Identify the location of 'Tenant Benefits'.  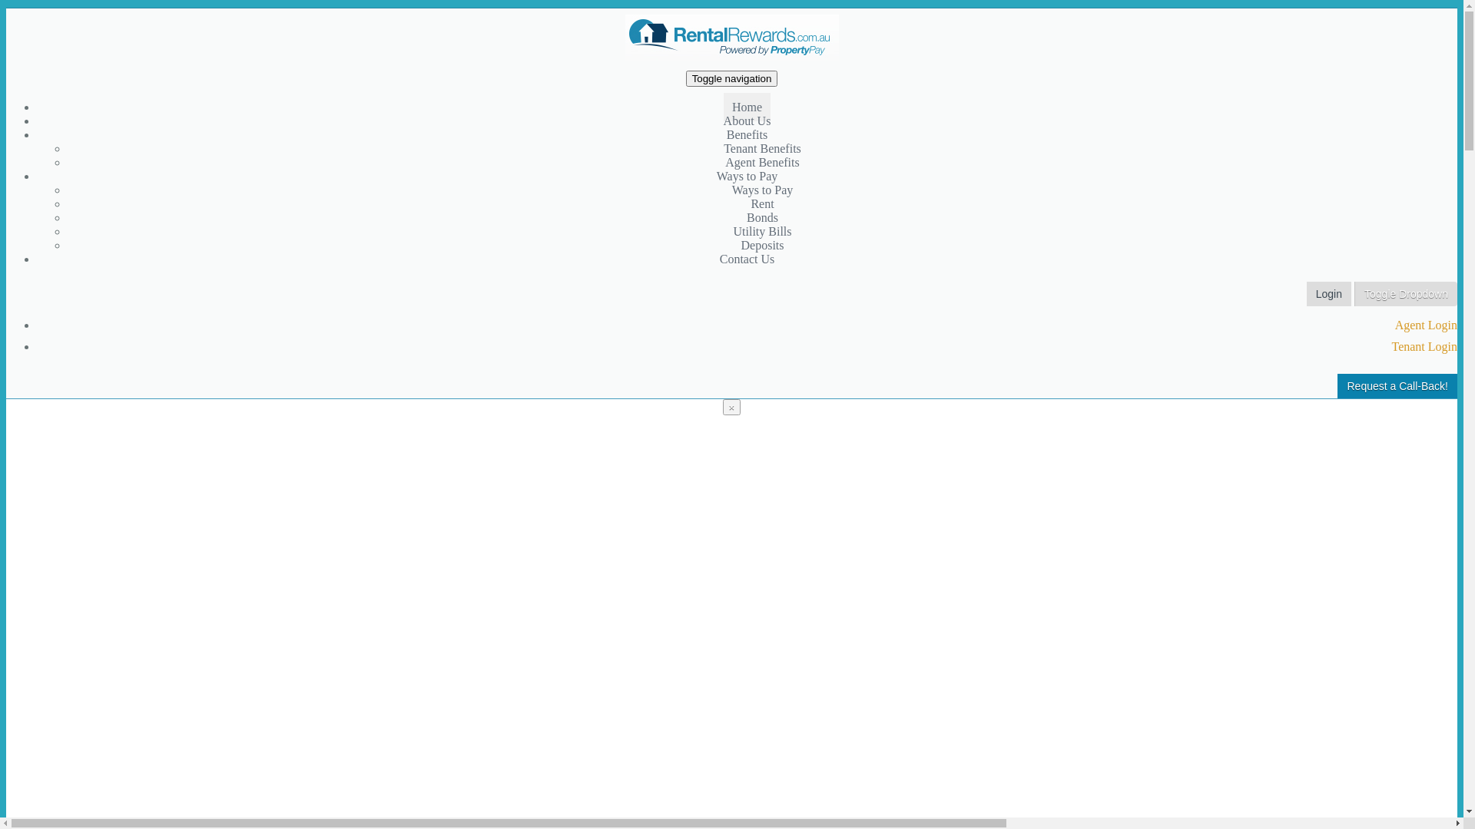
(722, 148).